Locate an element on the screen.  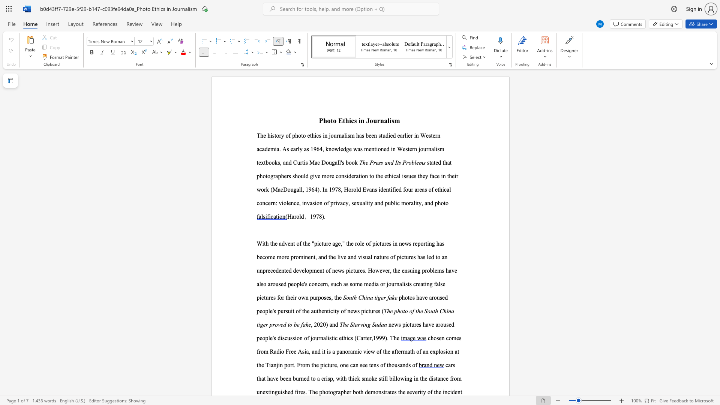
the 3th character "e" in the text is located at coordinates (309, 243).